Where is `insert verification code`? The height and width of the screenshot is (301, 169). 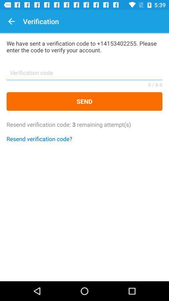 insert verification code is located at coordinates (84, 75).